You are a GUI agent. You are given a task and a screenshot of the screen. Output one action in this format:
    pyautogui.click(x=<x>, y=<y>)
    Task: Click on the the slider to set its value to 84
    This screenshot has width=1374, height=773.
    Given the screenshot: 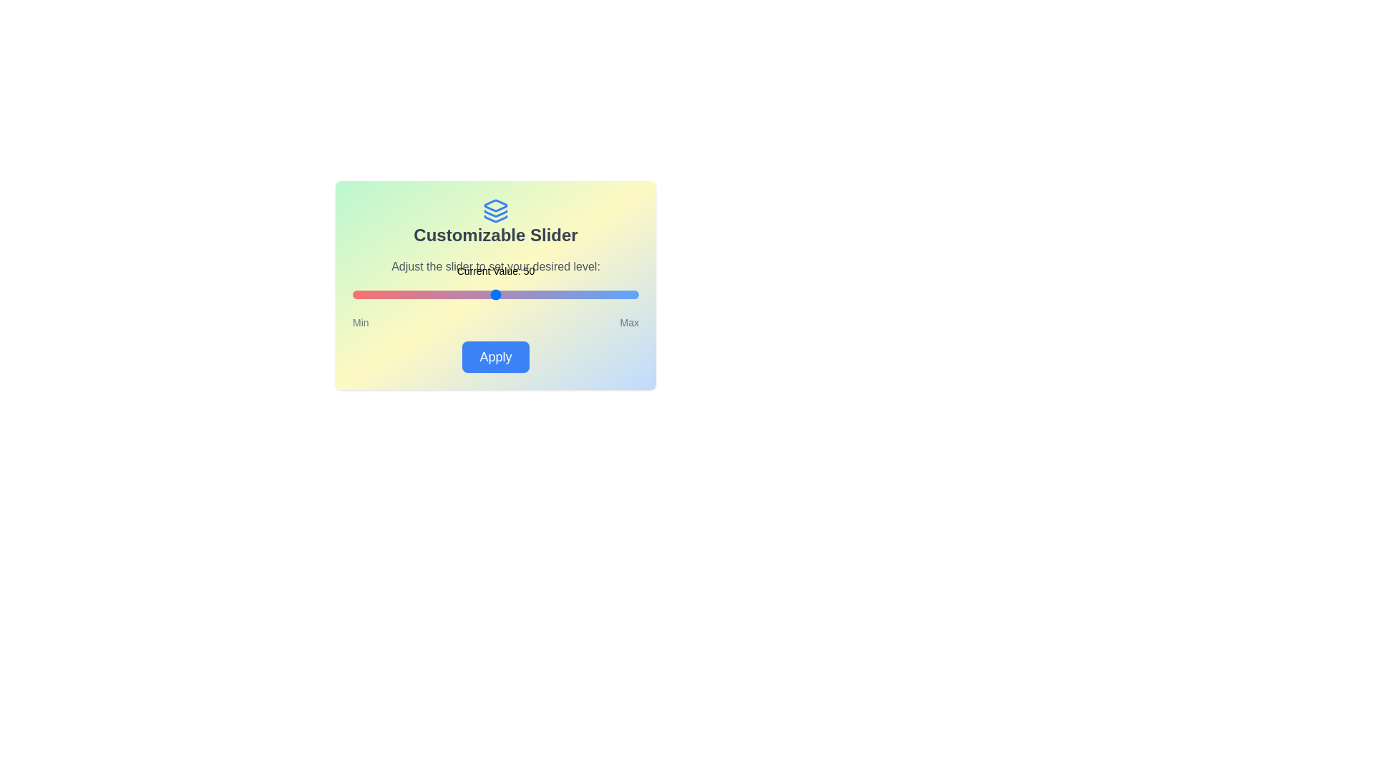 What is the action you would take?
    pyautogui.click(x=593, y=294)
    